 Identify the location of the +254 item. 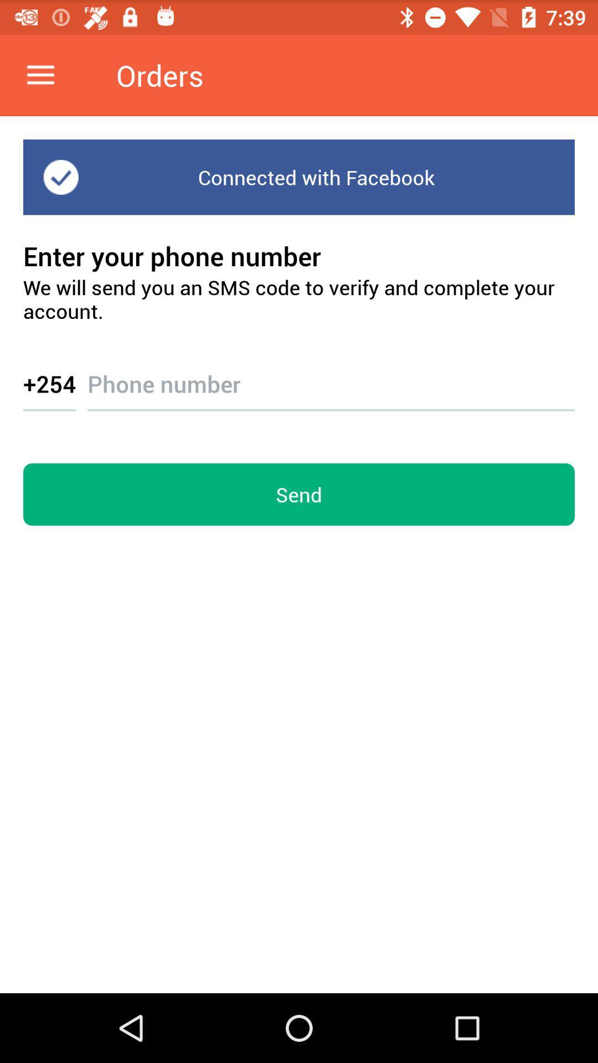
(49, 383).